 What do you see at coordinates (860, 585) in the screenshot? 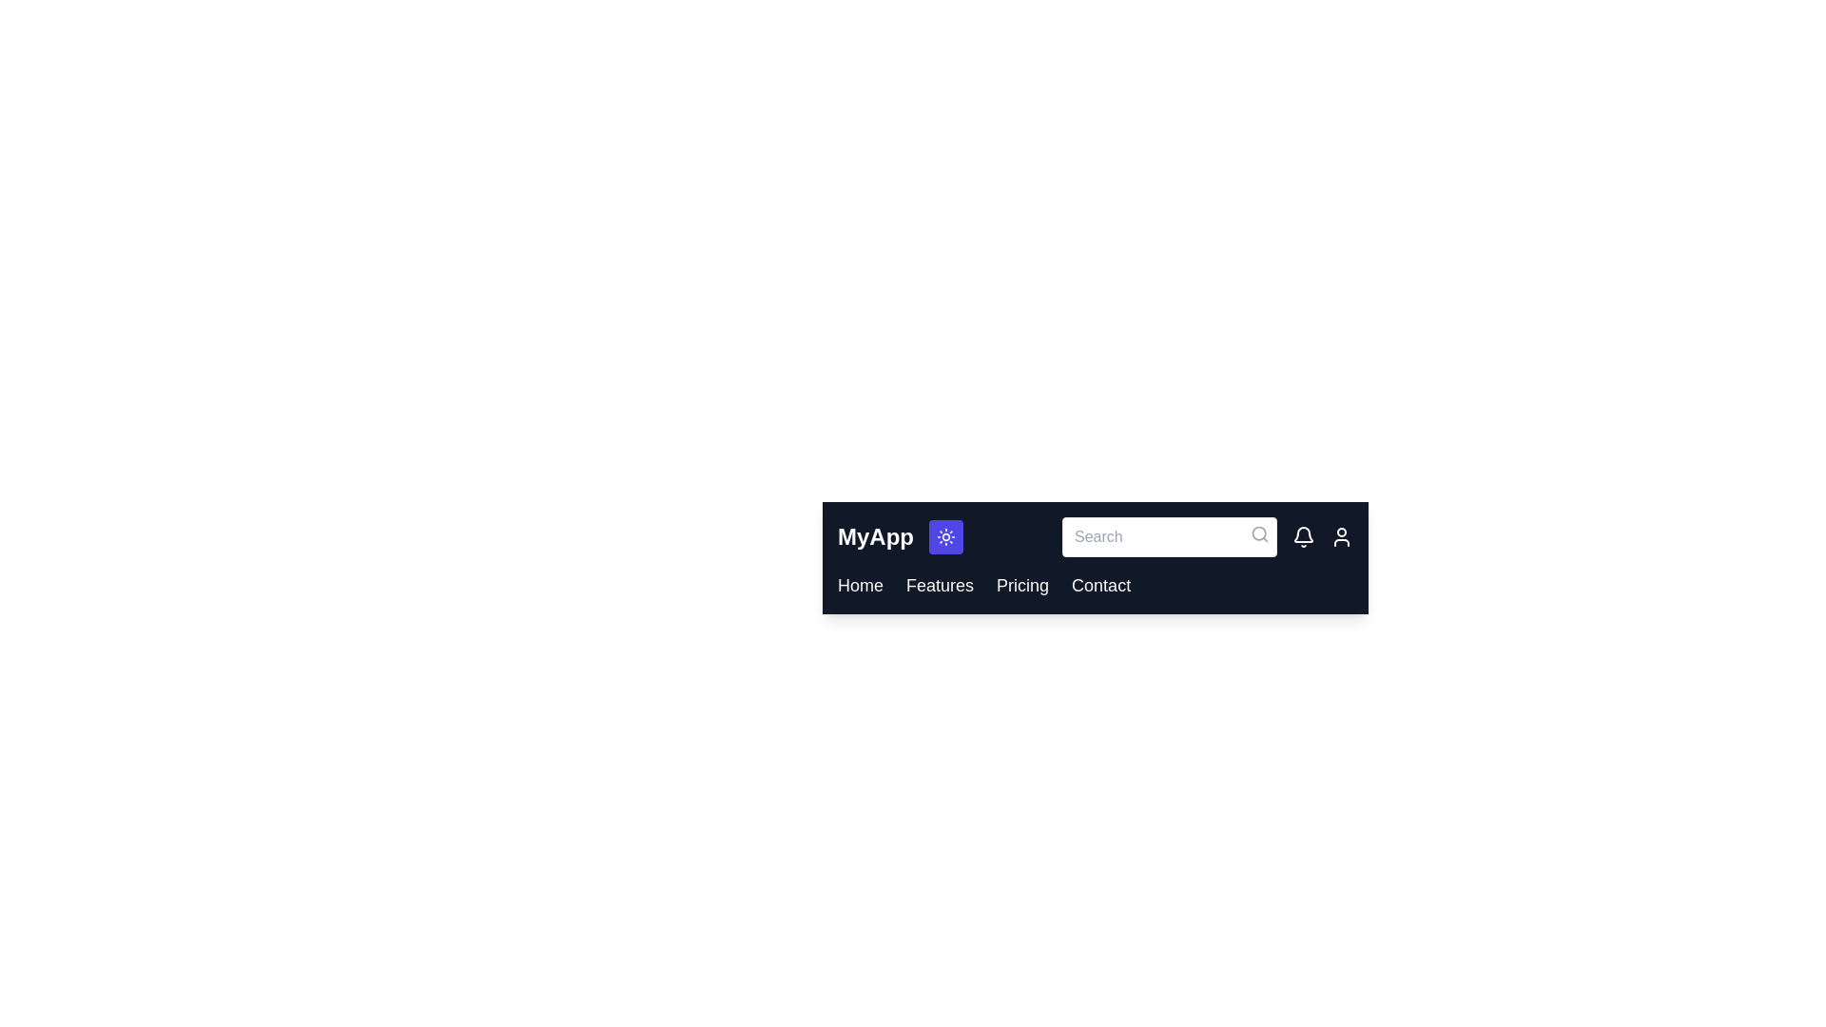
I see `the Home link in the navigation bar` at bounding box center [860, 585].